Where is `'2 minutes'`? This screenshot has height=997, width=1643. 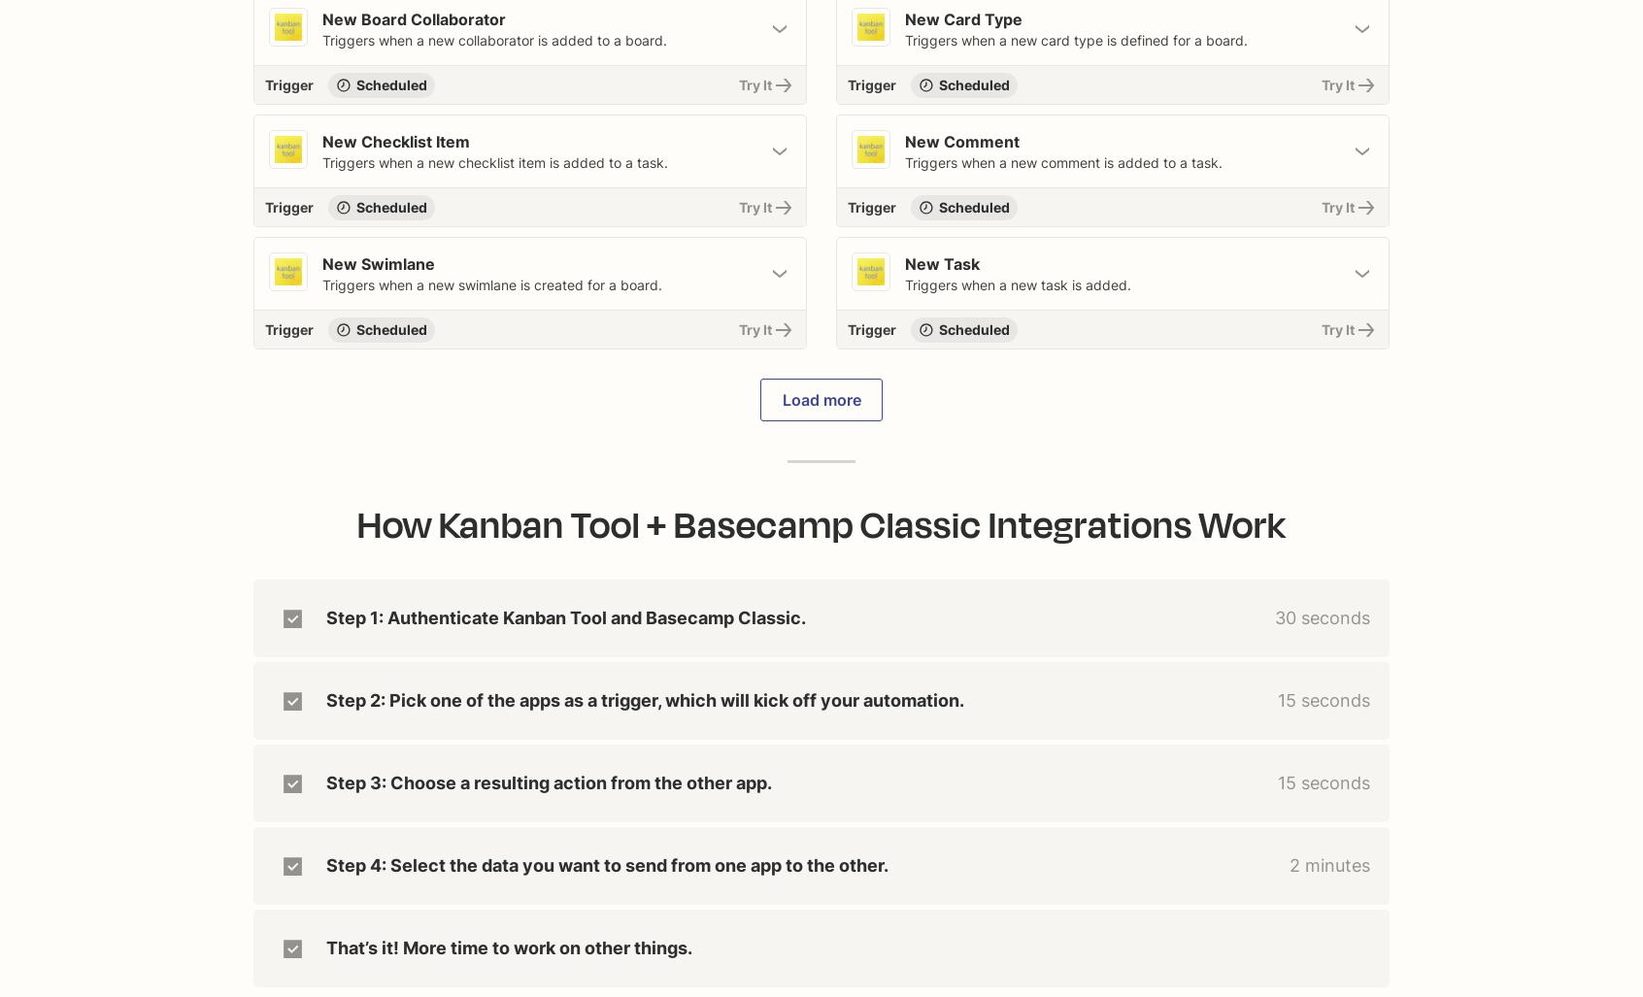
'2 minutes' is located at coordinates (1329, 864).